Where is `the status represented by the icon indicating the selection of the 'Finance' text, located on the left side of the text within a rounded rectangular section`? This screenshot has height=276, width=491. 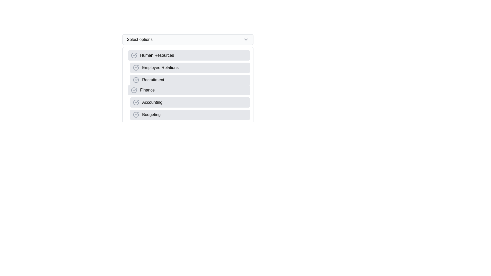 the status represented by the icon indicating the selection of the 'Finance' text, located on the left side of the text within a rounded rectangular section is located at coordinates (134, 90).